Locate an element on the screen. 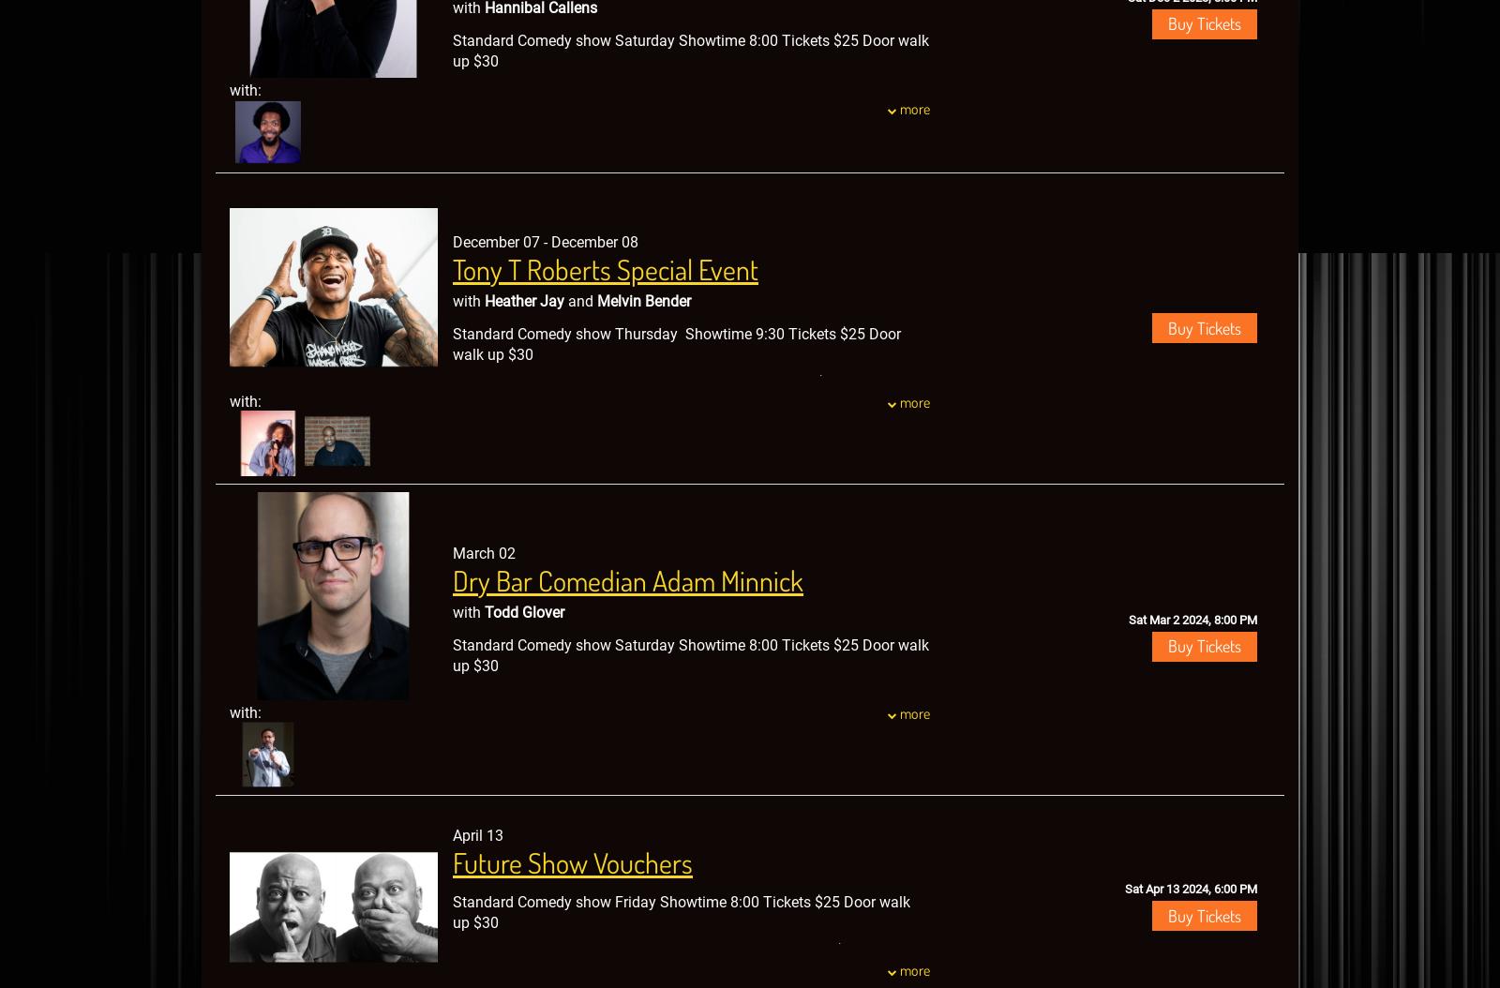  'March 02' is located at coordinates (483, 552).